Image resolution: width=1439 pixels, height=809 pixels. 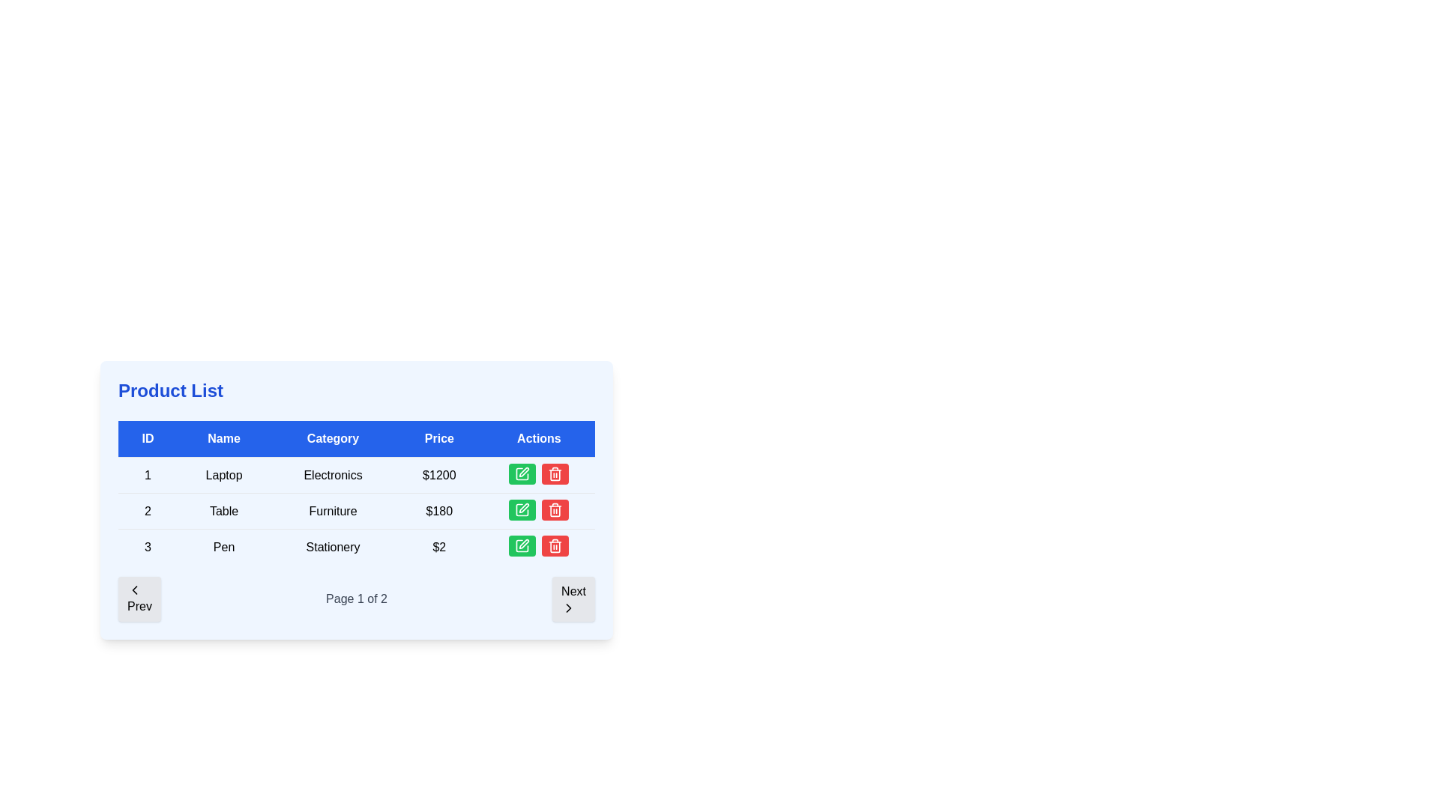 What do you see at coordinates (539, 547) in the screenshot?
I see `the green button for editing the item 'Pen' in the Stationery category, located in the rightmost section of the last row of the table` at bounding box center [539, 547].